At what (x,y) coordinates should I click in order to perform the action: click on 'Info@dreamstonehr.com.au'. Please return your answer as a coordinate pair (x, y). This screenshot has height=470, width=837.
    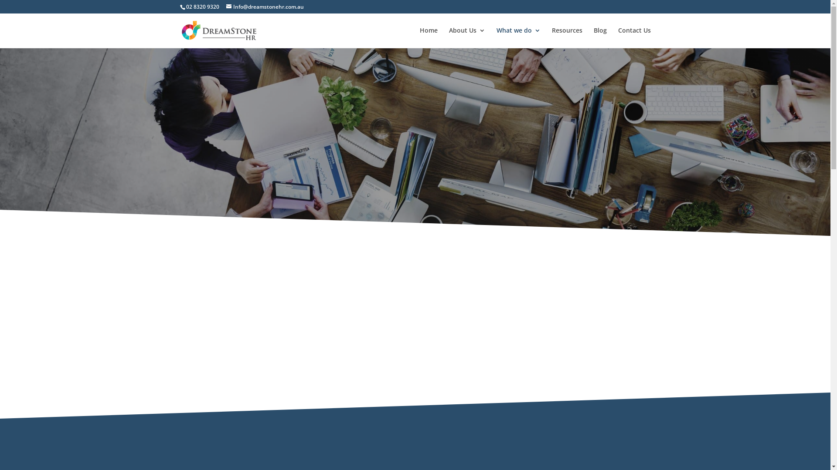
    Looking at the image, I should click on (264, 7).